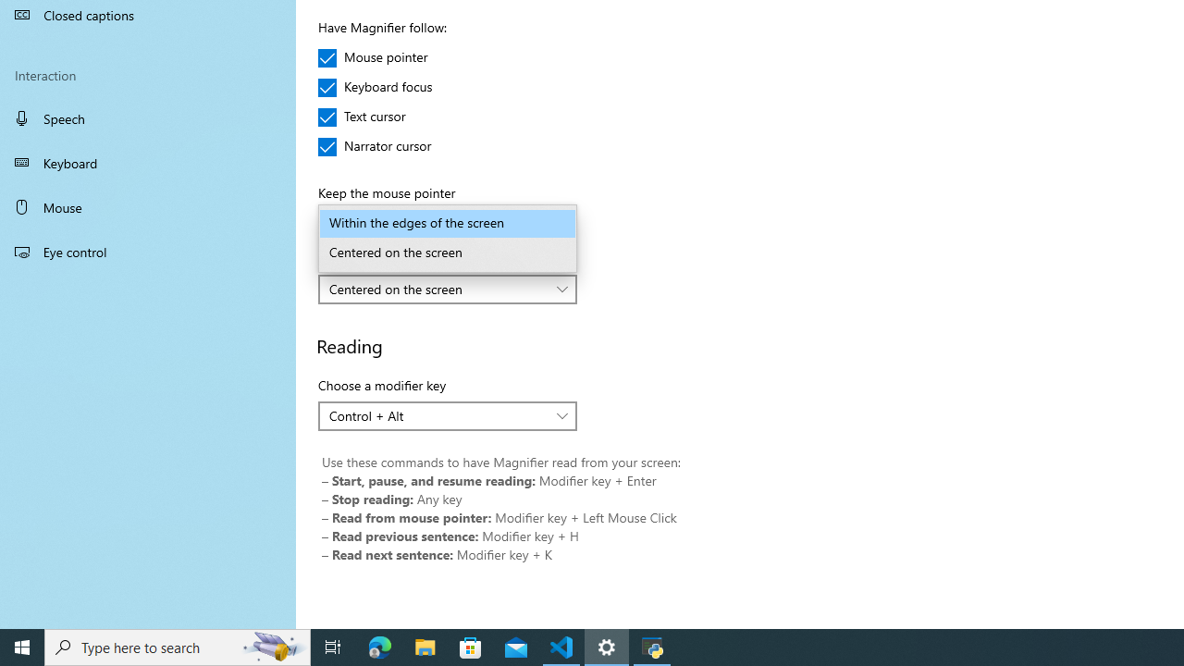 This screenshot has width=1184, height=666. What do you see at coordinates (148, 251) in the screenshot?
I see `'Eye control'` at bounding box center [148, 251].